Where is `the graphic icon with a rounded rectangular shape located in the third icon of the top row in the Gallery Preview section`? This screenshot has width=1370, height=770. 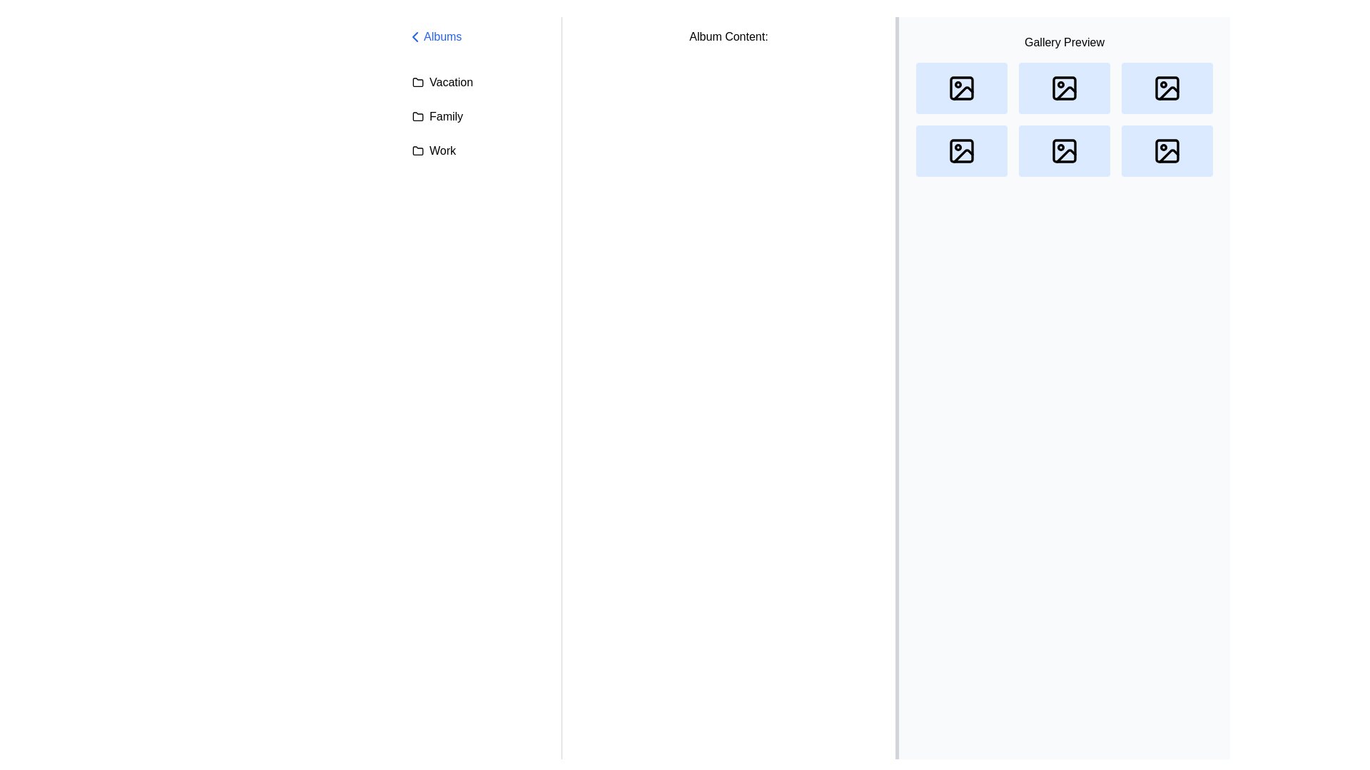 the graphic icon with a rounded rectangular shape located in the third icon of the top row in the Gallery Preview section is located at coordinates (1167, 88).